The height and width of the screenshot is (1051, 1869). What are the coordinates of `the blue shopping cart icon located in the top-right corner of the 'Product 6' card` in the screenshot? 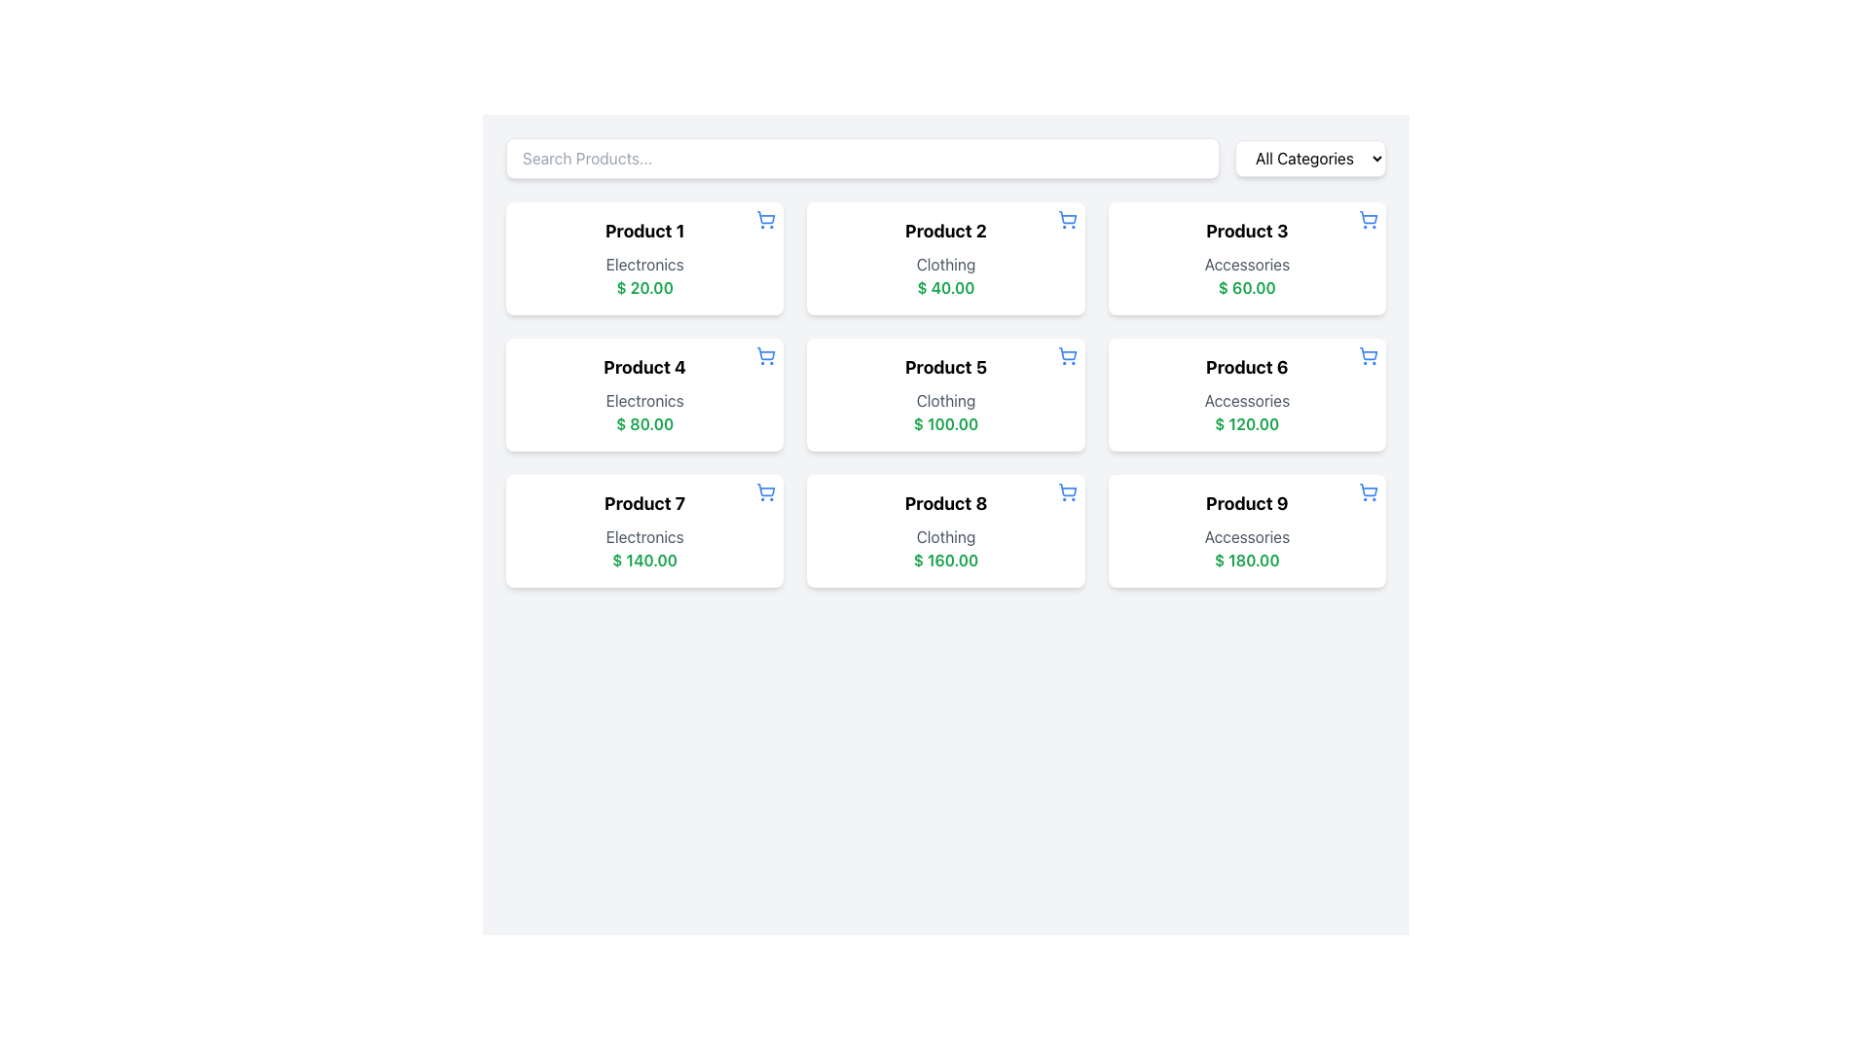 It's located at (1368, 356).